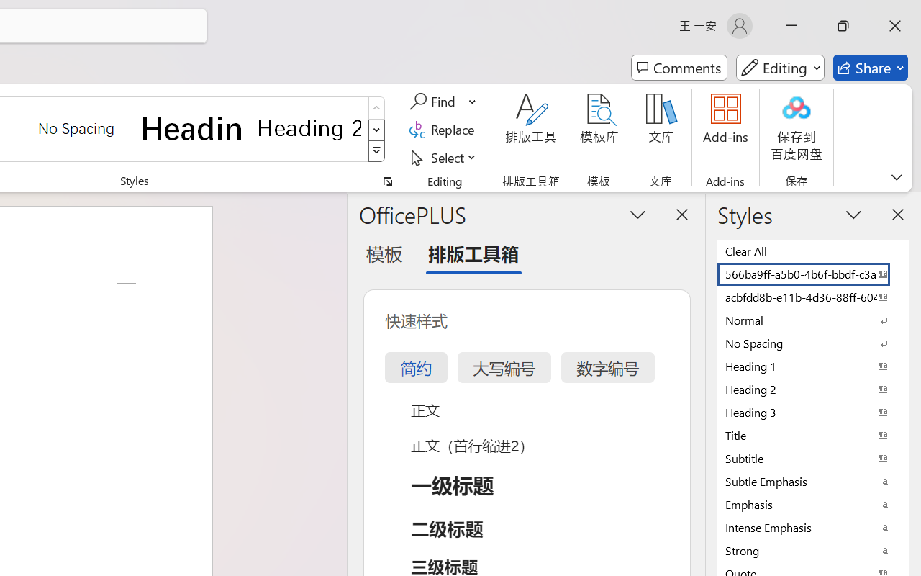 This screenshot has height=576, width=921. What do you see at coordinates (779, 68) in the screenshot?
I see `'Mode'` at bounding box center [779, 68].